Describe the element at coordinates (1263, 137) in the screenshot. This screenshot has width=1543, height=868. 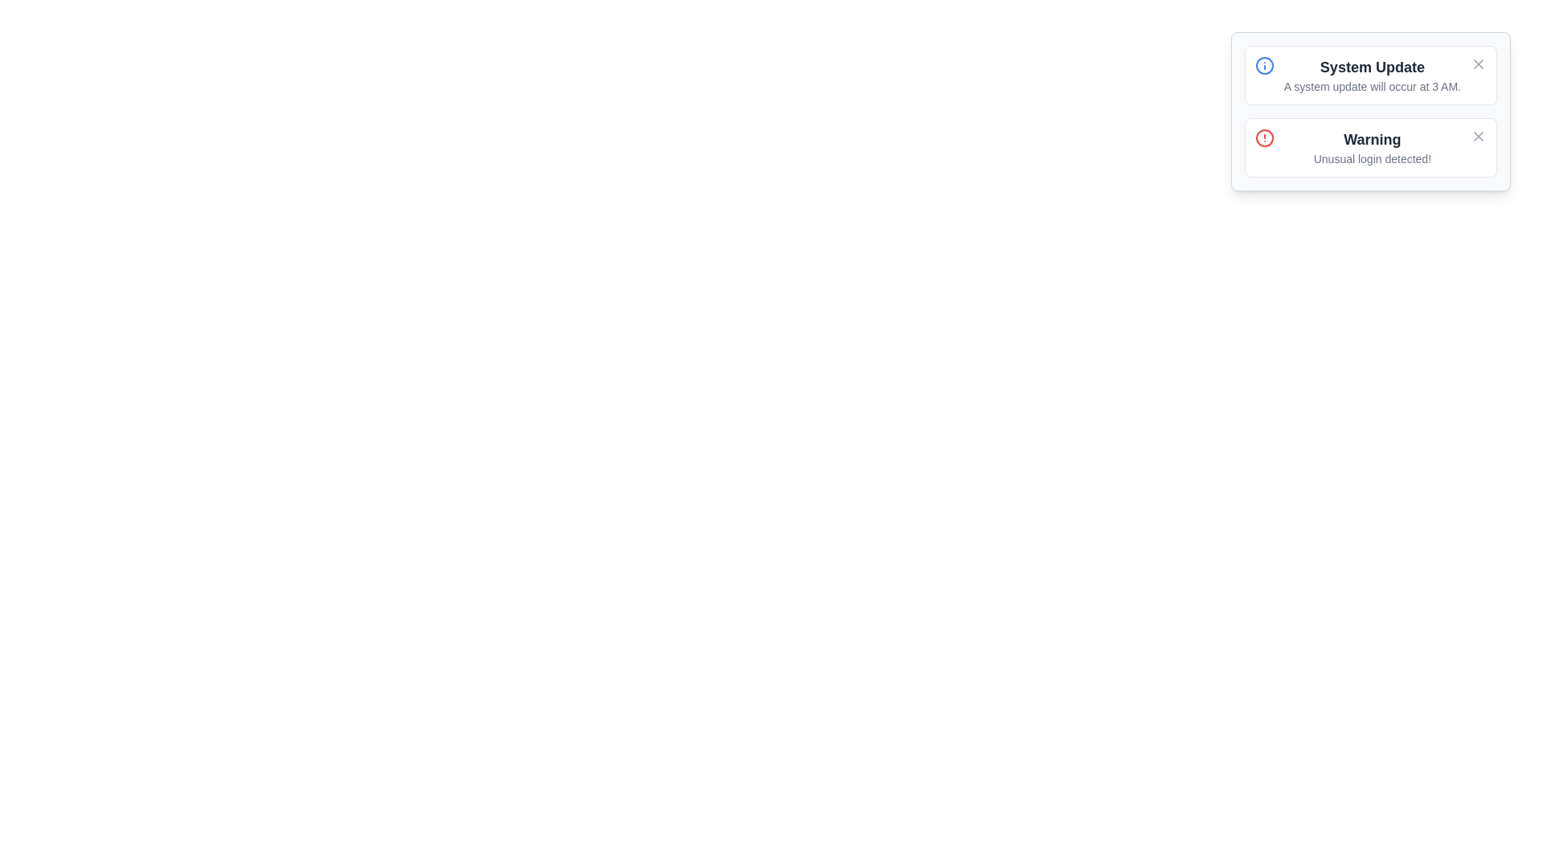
I see `the circular warning icon in the second card of the notification group, which is styled with a red stroke and no fill, indicating a warning about unusual login detection` at that location.